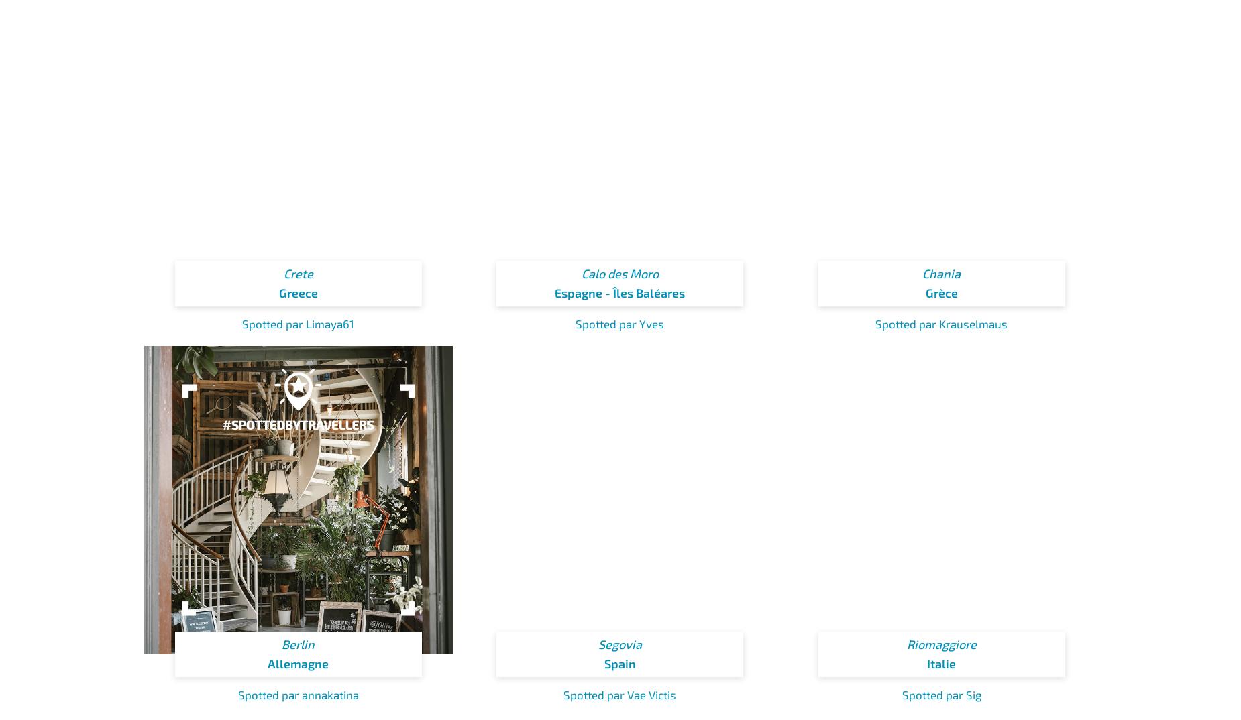 The width and height of the screenshot is (1241, 720). What do you see at coordinates (297, 322) in the screenshot?
I see `'Spotted par Limaya61'` at bounding box center [297, 322].